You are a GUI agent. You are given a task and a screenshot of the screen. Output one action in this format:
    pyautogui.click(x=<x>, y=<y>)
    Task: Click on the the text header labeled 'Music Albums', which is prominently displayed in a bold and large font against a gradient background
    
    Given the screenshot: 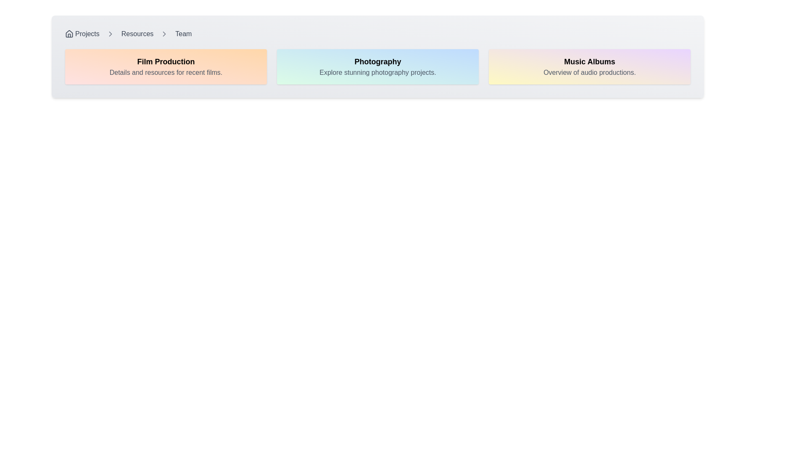 What is the action you would take?
    pyautogui.click(x=589, y=61)
    